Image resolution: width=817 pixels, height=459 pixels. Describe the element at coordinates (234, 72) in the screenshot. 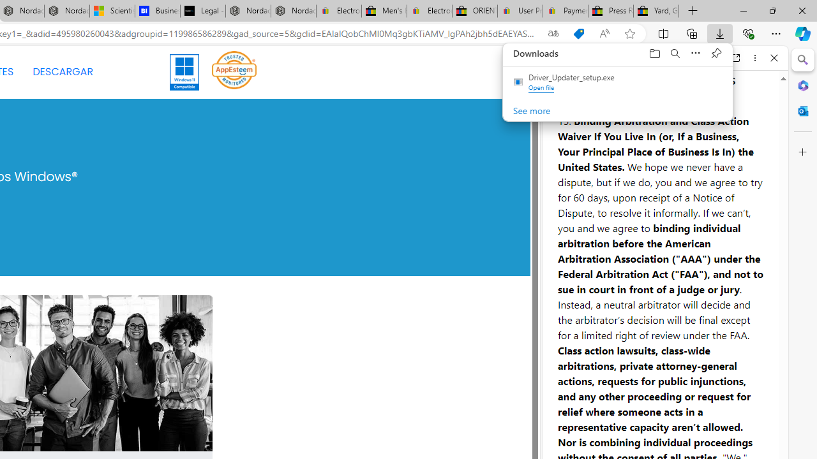

I see `'App Esteem'` at that location.